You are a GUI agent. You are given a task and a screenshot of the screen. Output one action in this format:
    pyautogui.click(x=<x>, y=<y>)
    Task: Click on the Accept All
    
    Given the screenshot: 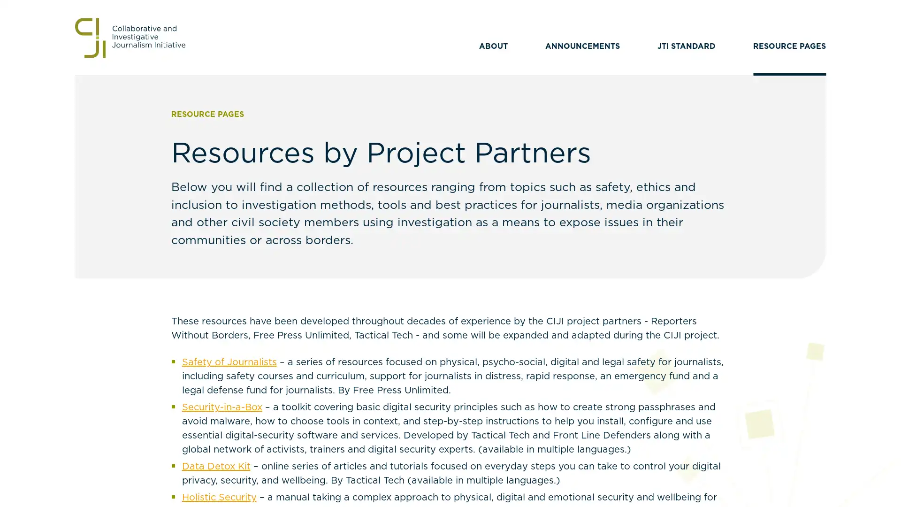 What is the action you would take?
    pyautogui.click(x=542, y=318)
    